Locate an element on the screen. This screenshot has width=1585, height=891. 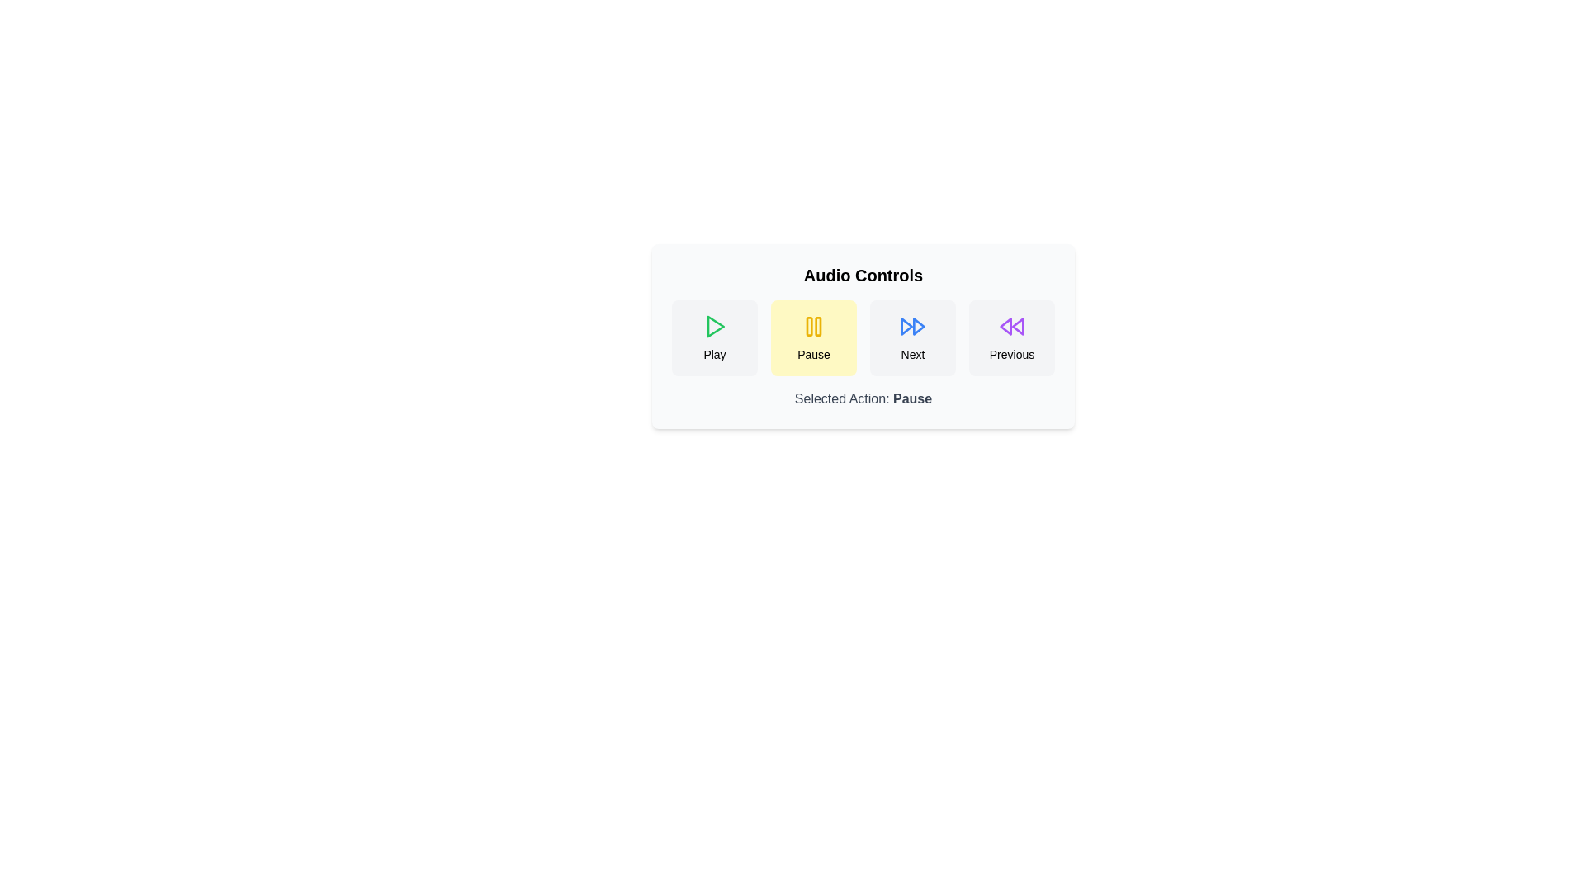
the Next button to observe the hover effect is located at coordinates (911, 337).